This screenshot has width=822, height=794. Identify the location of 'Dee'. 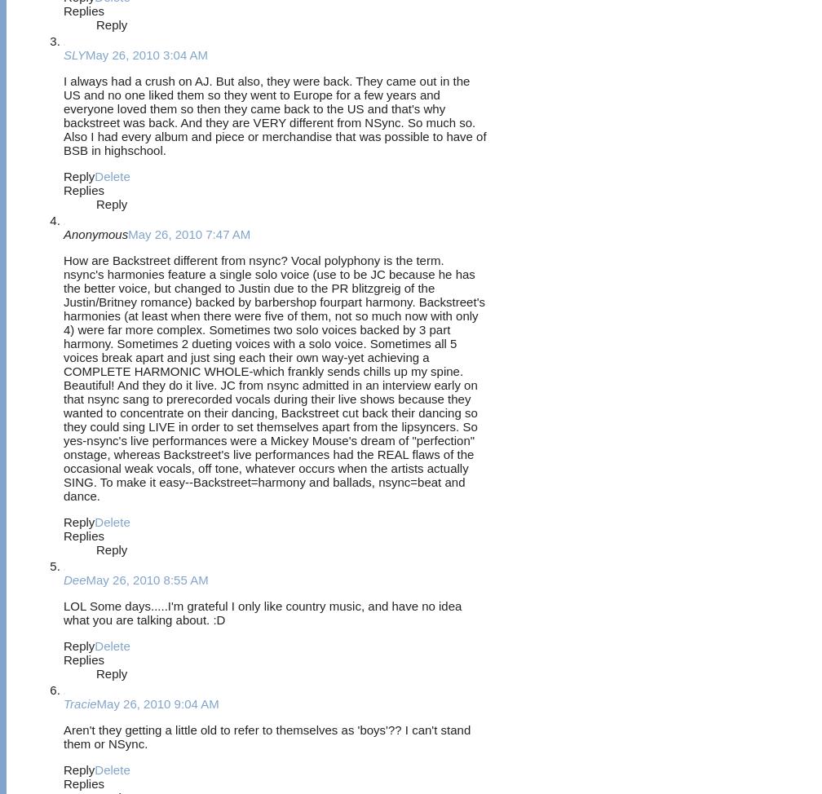
(74, 579).